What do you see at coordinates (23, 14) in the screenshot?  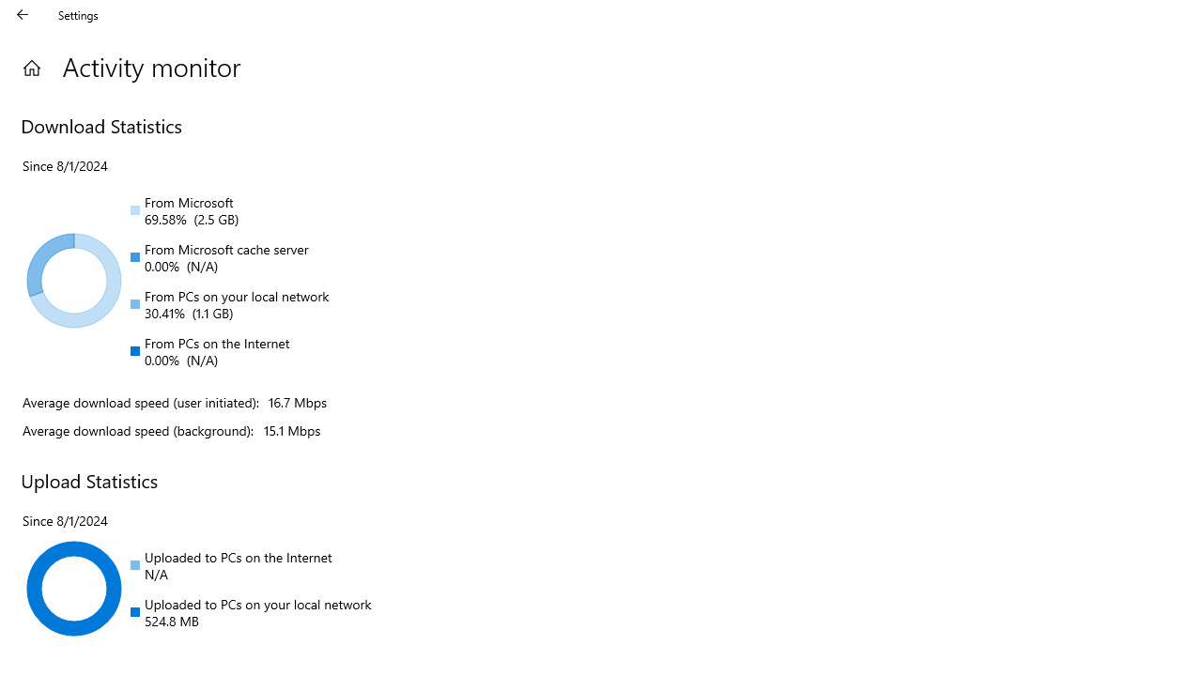 I see `'Back'` at bounding box center [23, 14].